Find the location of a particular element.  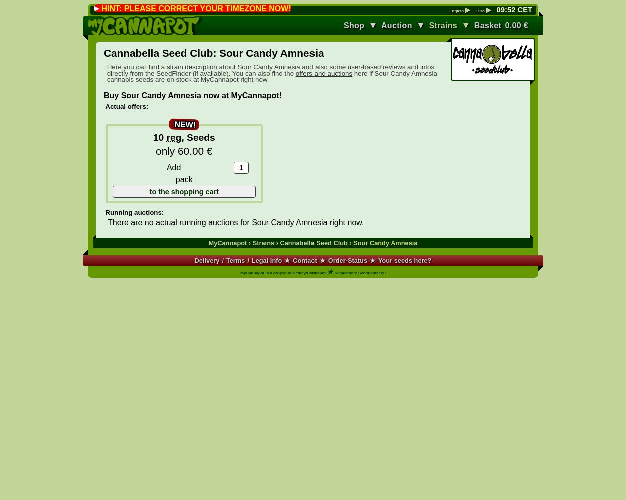

'Shop' is located at coordinates (353, 25).